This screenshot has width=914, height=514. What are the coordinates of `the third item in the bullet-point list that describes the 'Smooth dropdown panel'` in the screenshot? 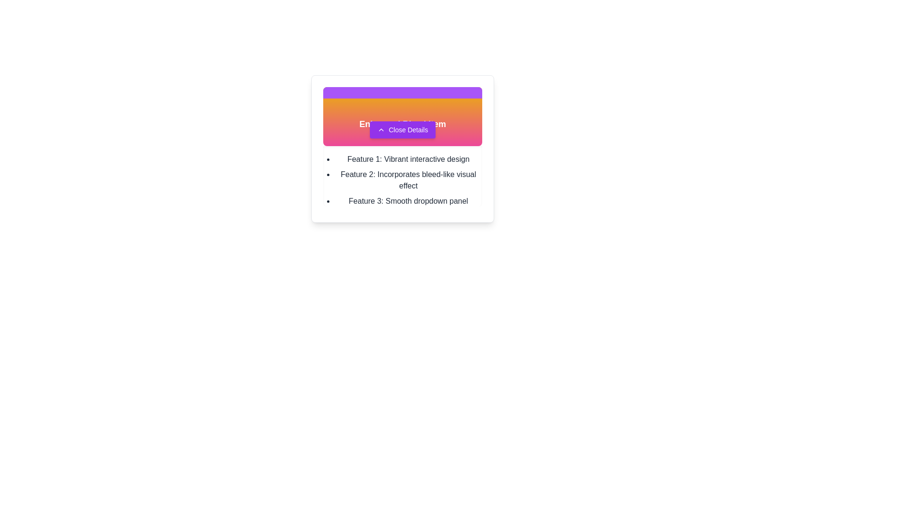 It's located at (408, 201).